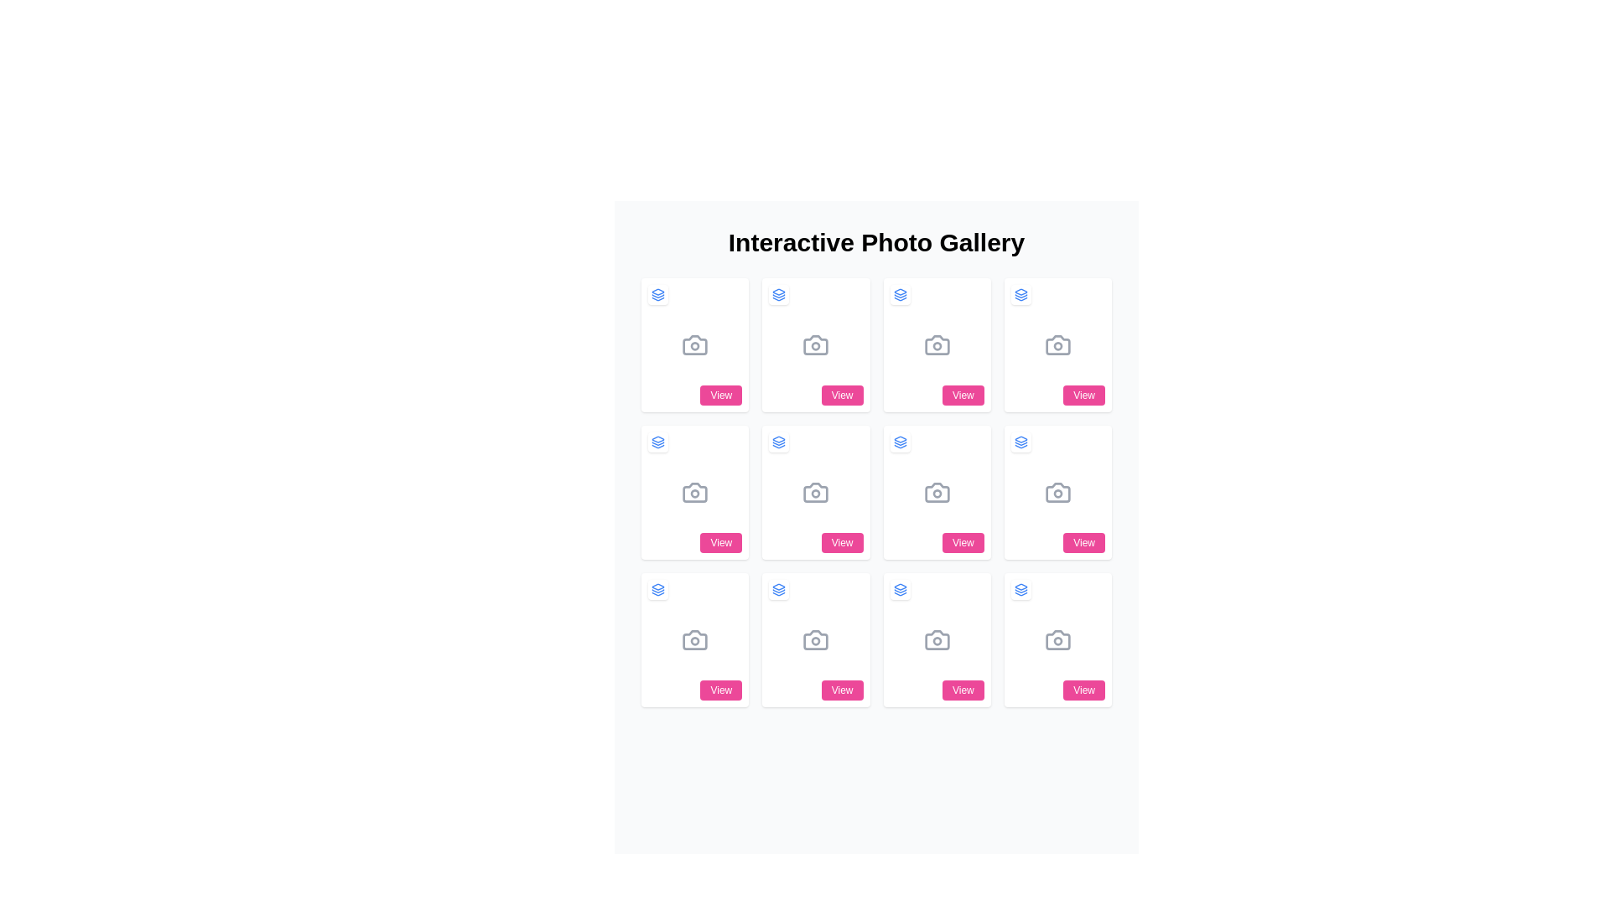  I want to click on the third card in the top row of the four-column grid layout, which features a white background, a blue icon at the top-left corner, a camera icon in the center, and a pink button labeled 'View' at the bottom, so click(936, 344).